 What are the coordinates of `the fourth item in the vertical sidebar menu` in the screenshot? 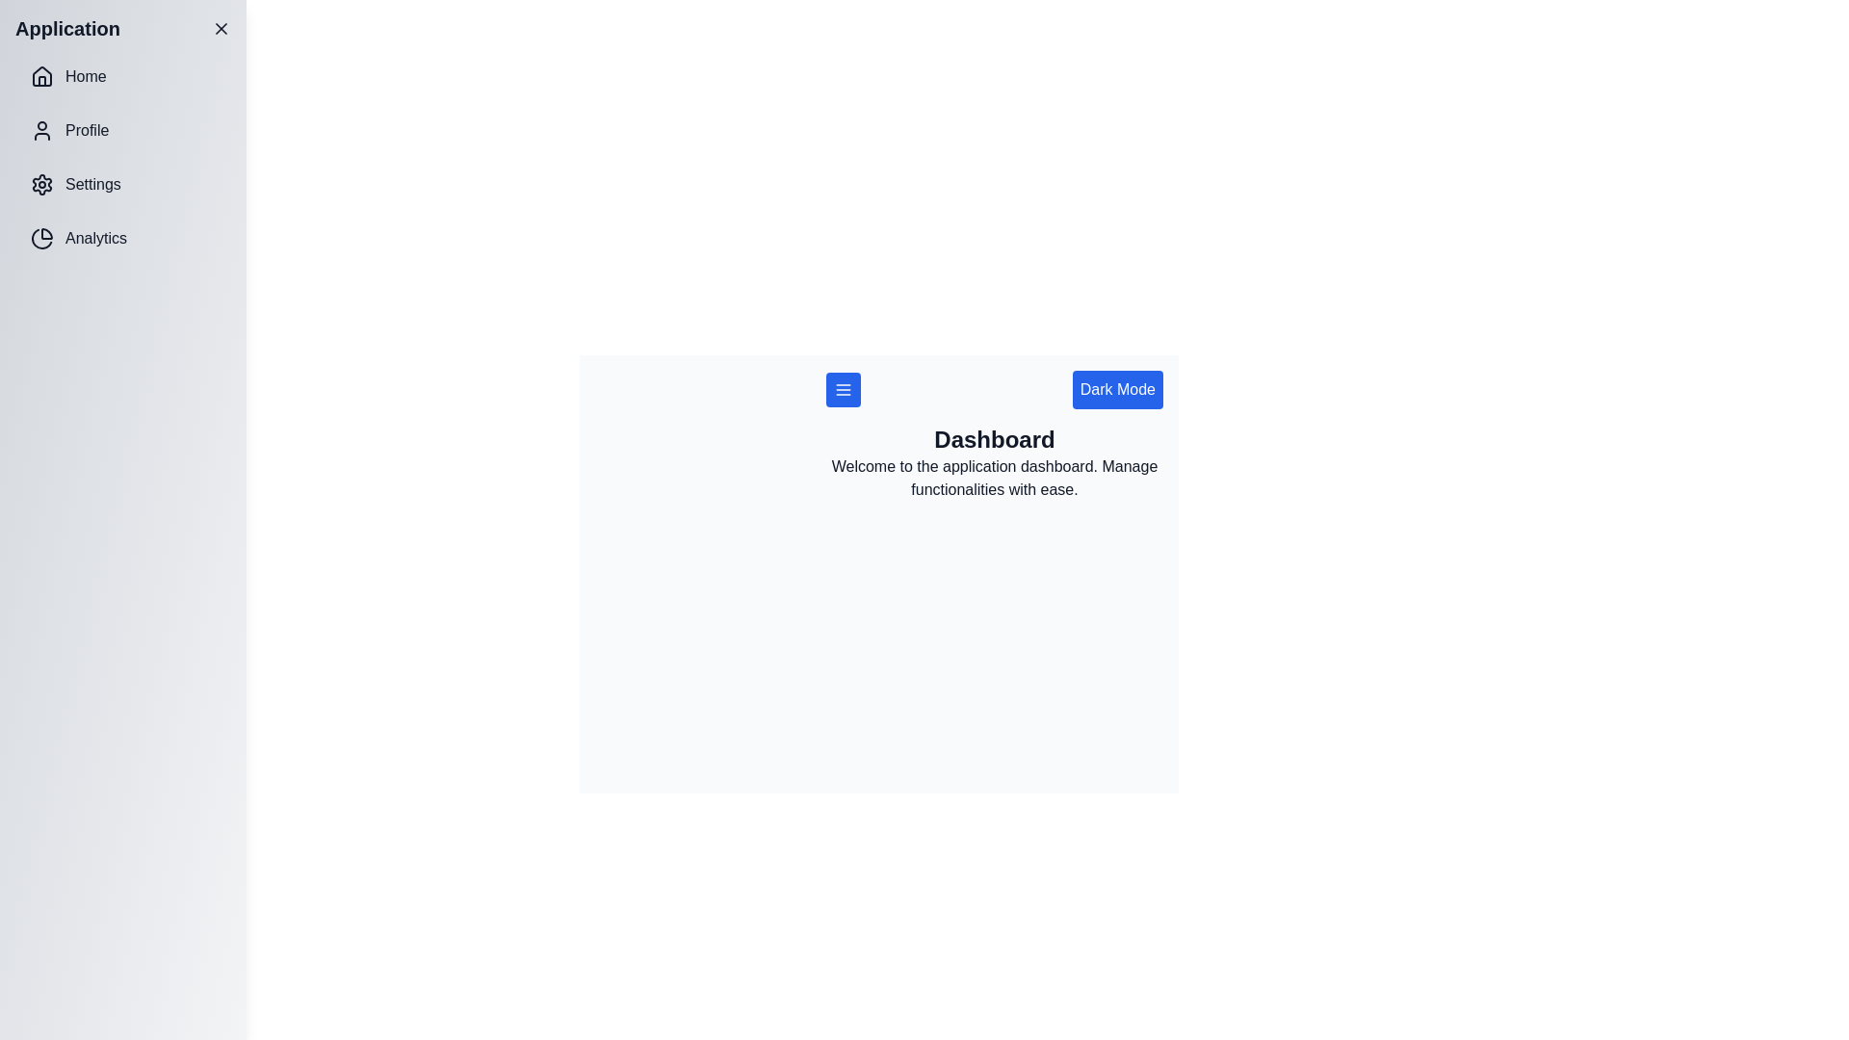 It's located at (122, 237).